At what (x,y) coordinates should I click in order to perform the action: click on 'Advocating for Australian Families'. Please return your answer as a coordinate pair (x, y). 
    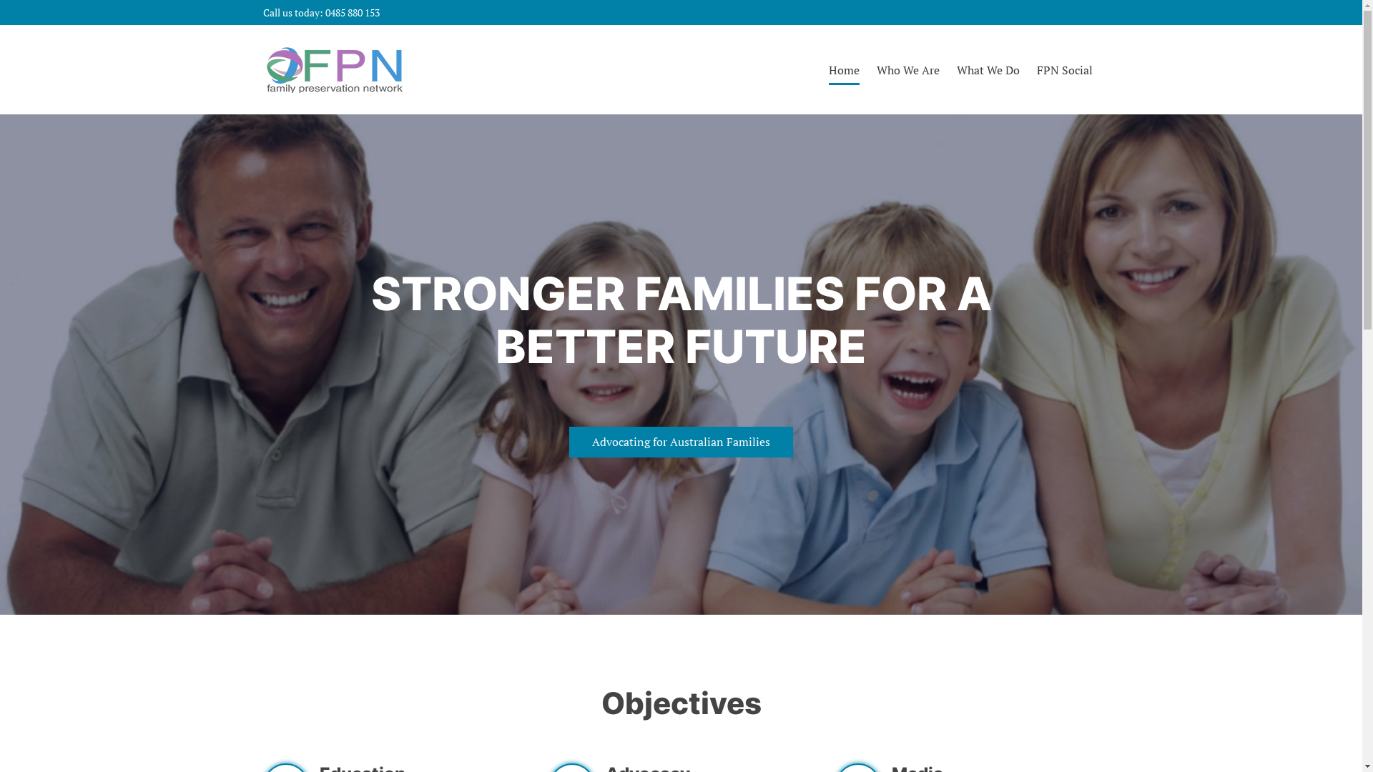
    Looking at the image, I should click on (680, 441).